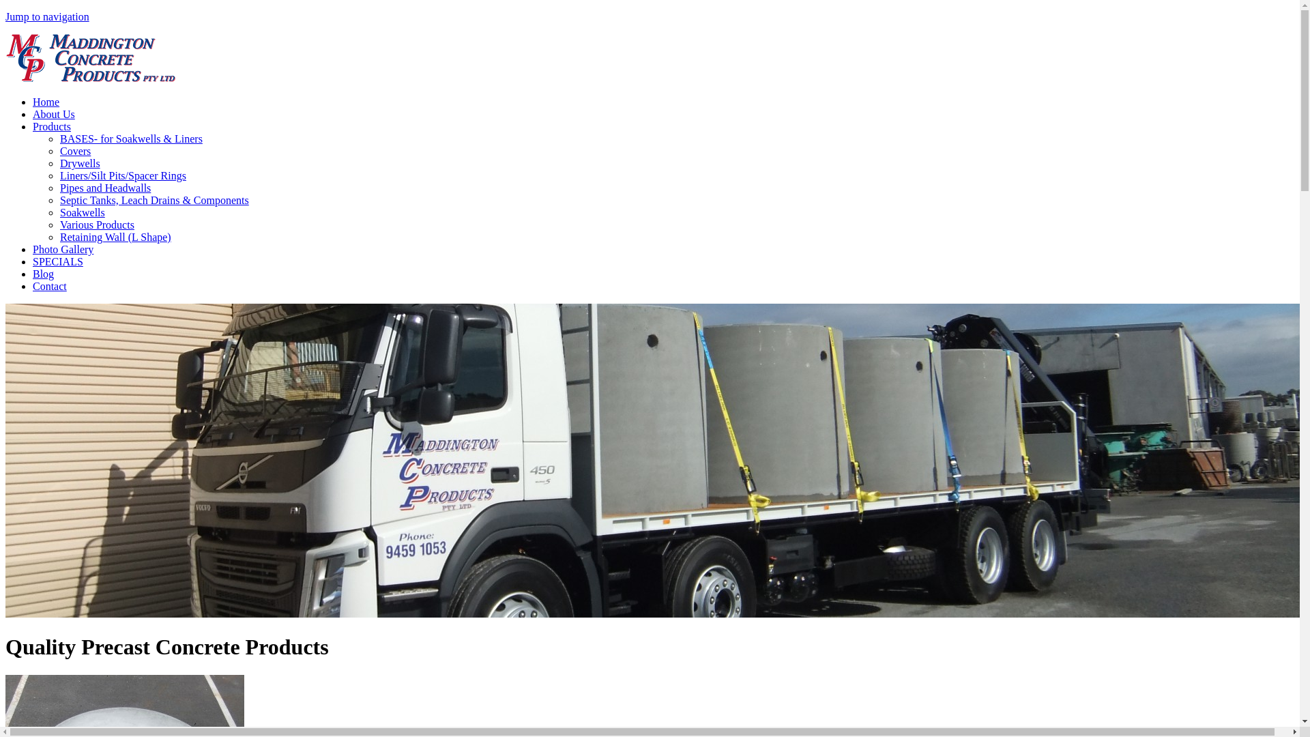  What do you see at coordinates (59, 188) in the screenshot?
I see `'Pipes and Headwalls'` at bounding box center [59, 188].